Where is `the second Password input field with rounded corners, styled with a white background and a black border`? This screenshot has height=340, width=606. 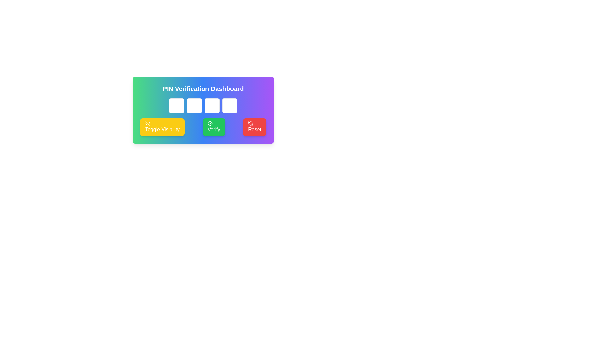 the second Password input field with rounded corners, styled with a white background and a black border is located at coordinates (194, 105).